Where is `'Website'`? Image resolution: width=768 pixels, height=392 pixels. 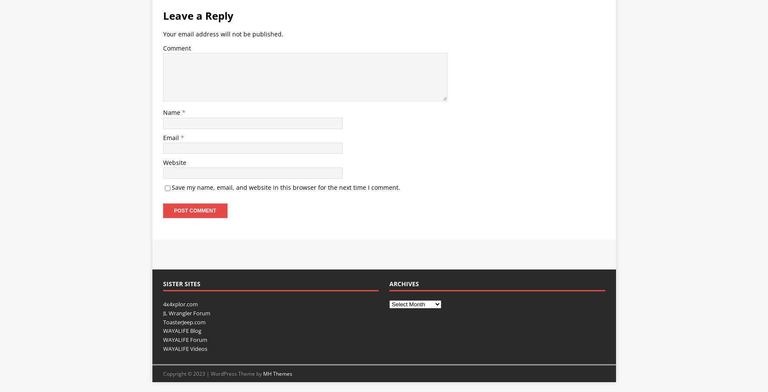 'Website' is located at coordinates (173, 162).